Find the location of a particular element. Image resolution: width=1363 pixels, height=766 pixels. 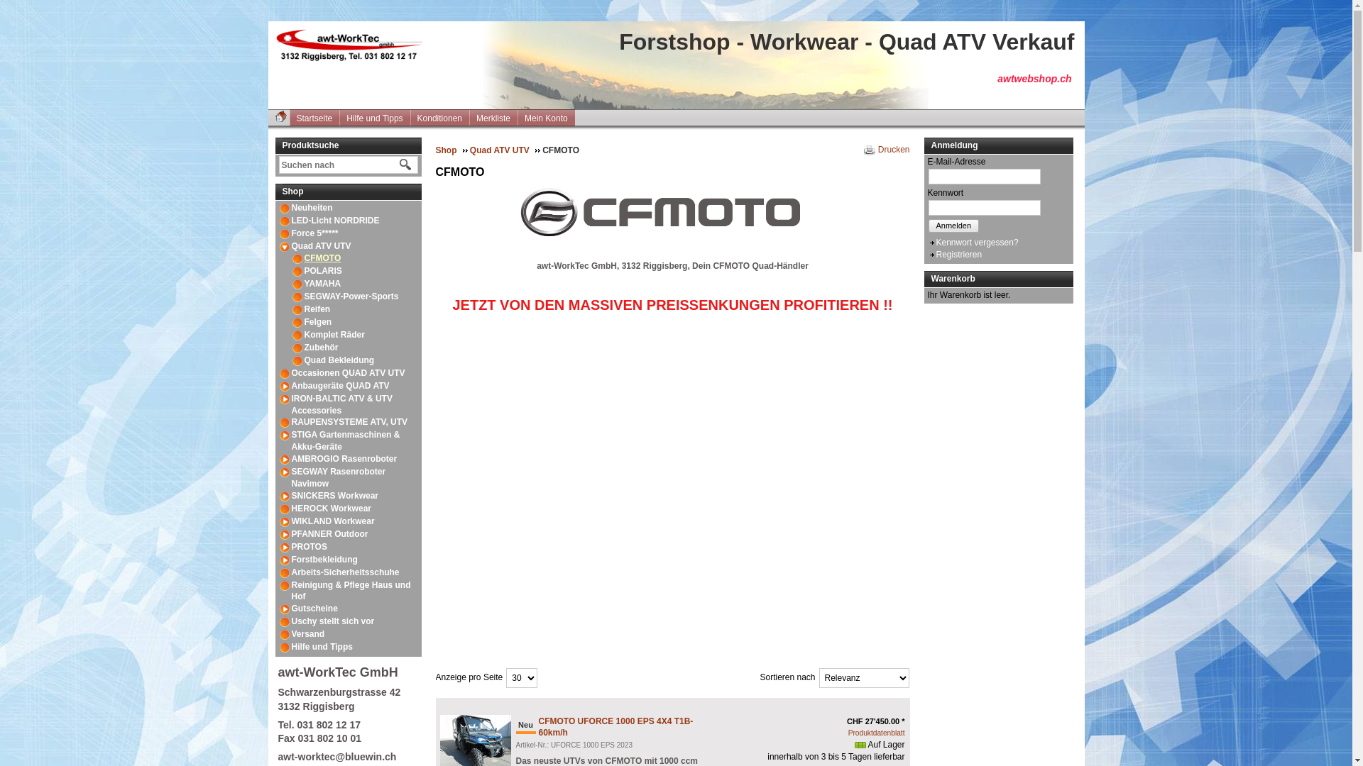

'CFMOTO UFORCE 1000 EPS 4X4 T1B-60km/h' is located at coordinates (615, 727).